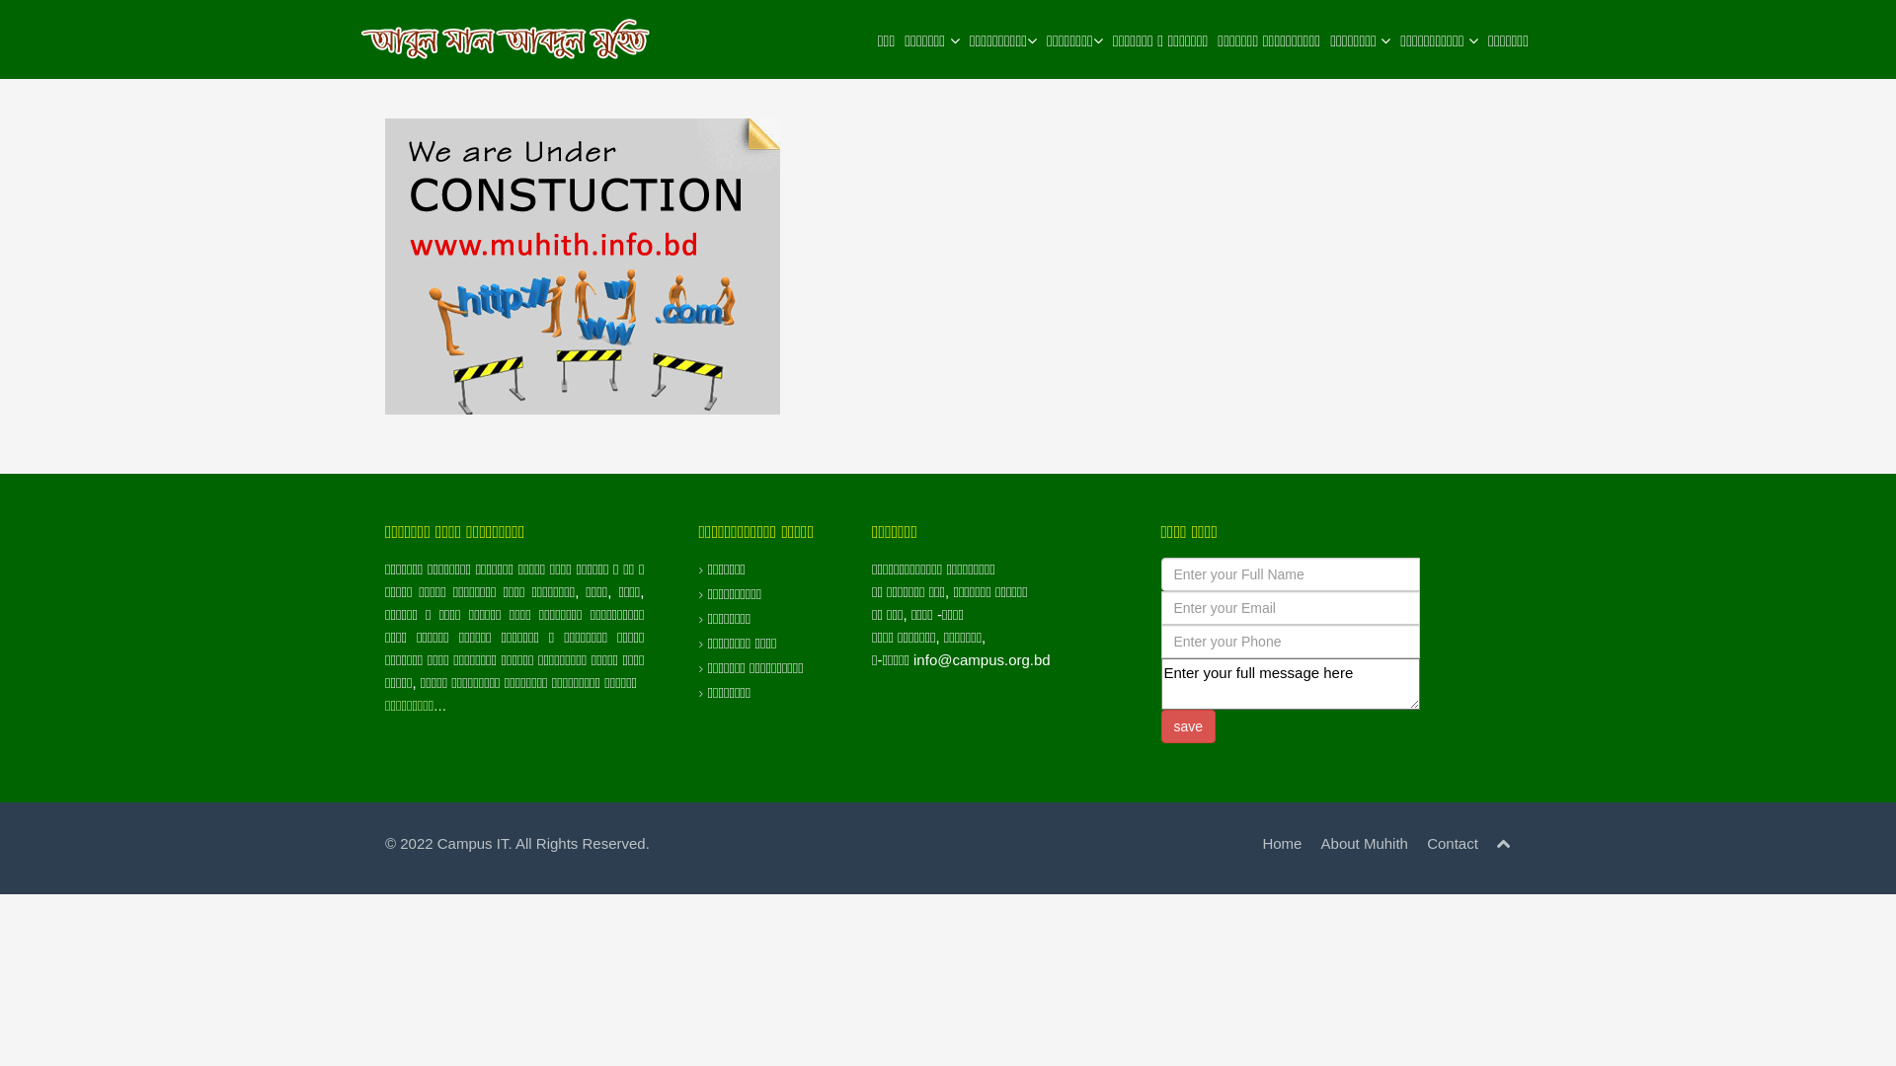 The image size is (1896, 1066). What do you see at coordinates (1260, 843) in the screenshot?
I see `'Home'` at bounding box center [1260, 843].